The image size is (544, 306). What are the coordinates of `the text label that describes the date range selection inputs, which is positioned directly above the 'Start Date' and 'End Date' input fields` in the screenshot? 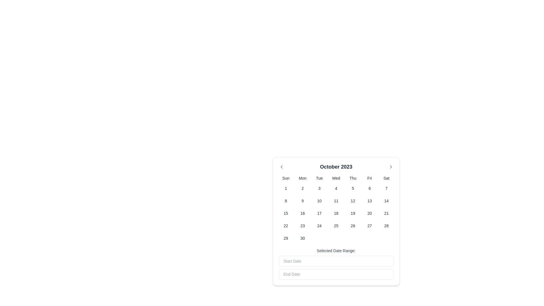 It's located at (336, 250).